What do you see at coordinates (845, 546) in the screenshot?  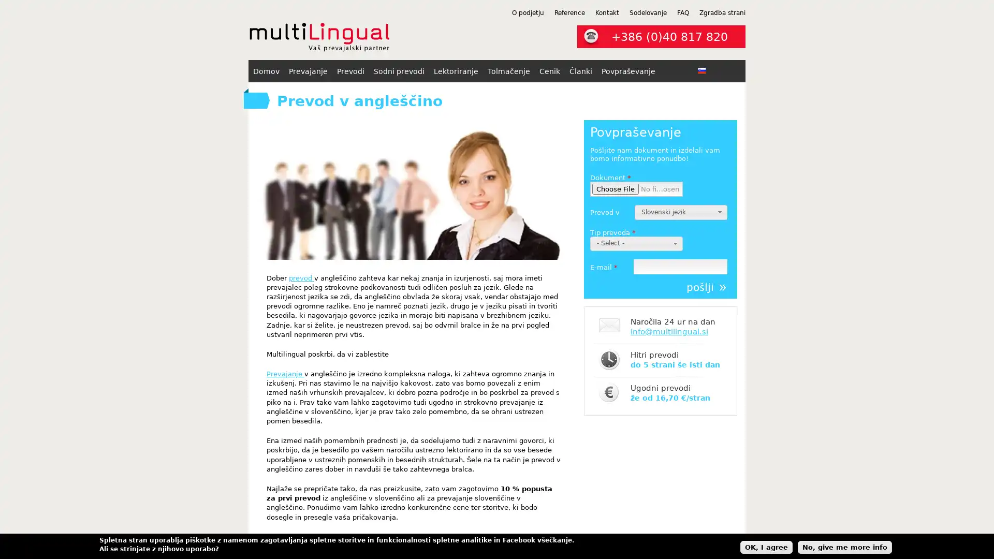 I see `No, give me more info` at bounding box center [845, 546].